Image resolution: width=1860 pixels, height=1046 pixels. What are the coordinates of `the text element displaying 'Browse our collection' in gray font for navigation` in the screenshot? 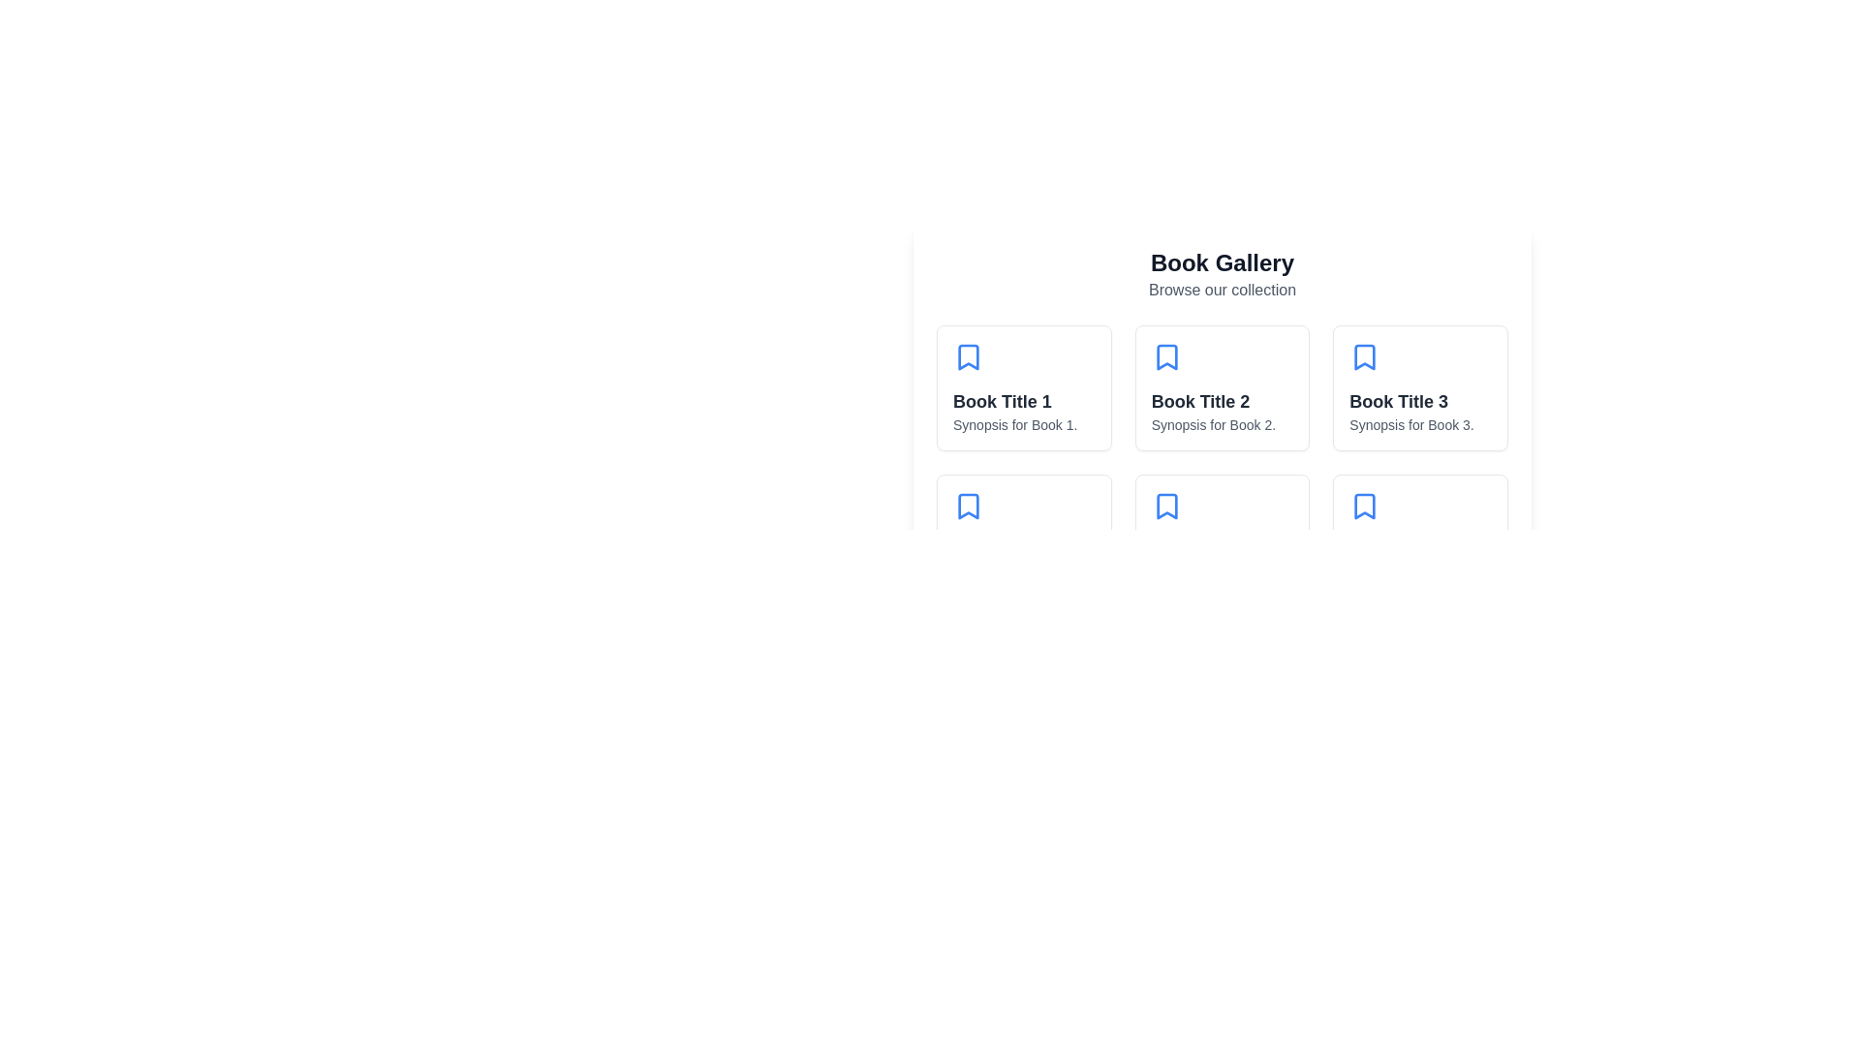 It's located at (1222, 291).